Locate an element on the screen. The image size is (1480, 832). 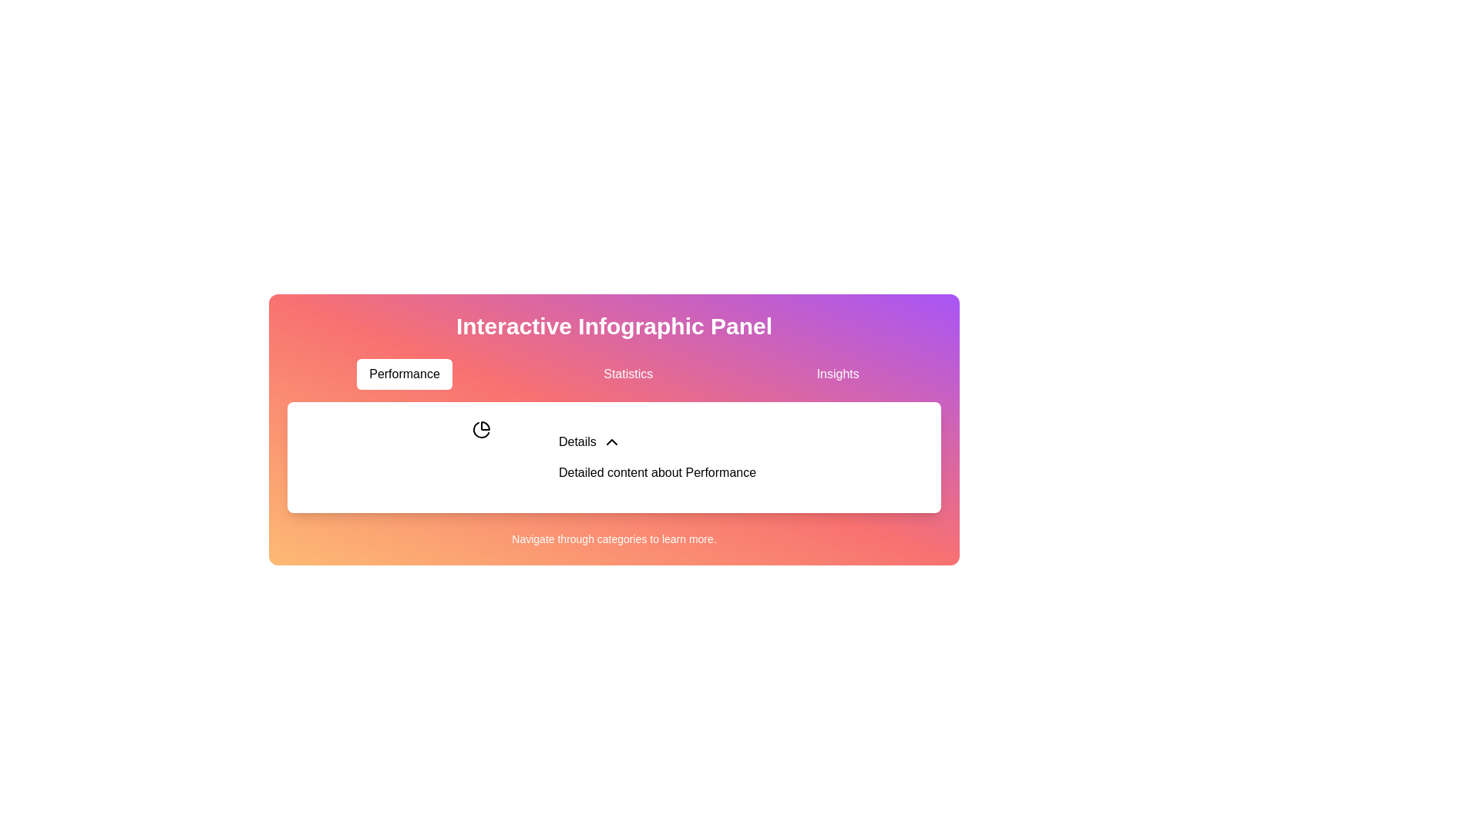
the decorative graphical element shaped like a pie chart within the SVG, located to the right of the overall graphic structure is located at coordinates (484, 426).